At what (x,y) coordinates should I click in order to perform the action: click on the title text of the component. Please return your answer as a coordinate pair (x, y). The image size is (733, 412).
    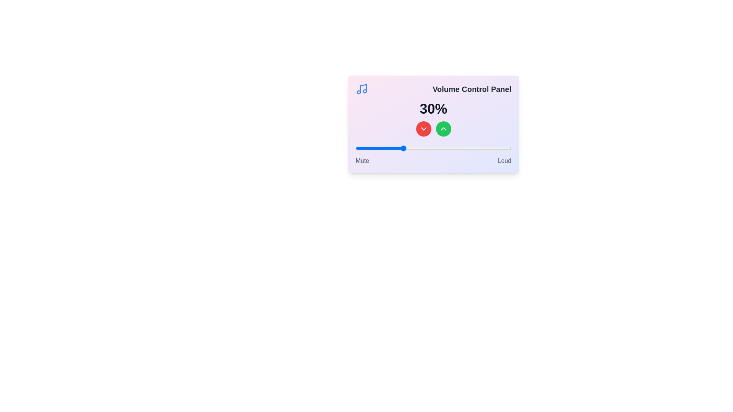
    Looking at the image, I should click on (433, 89).